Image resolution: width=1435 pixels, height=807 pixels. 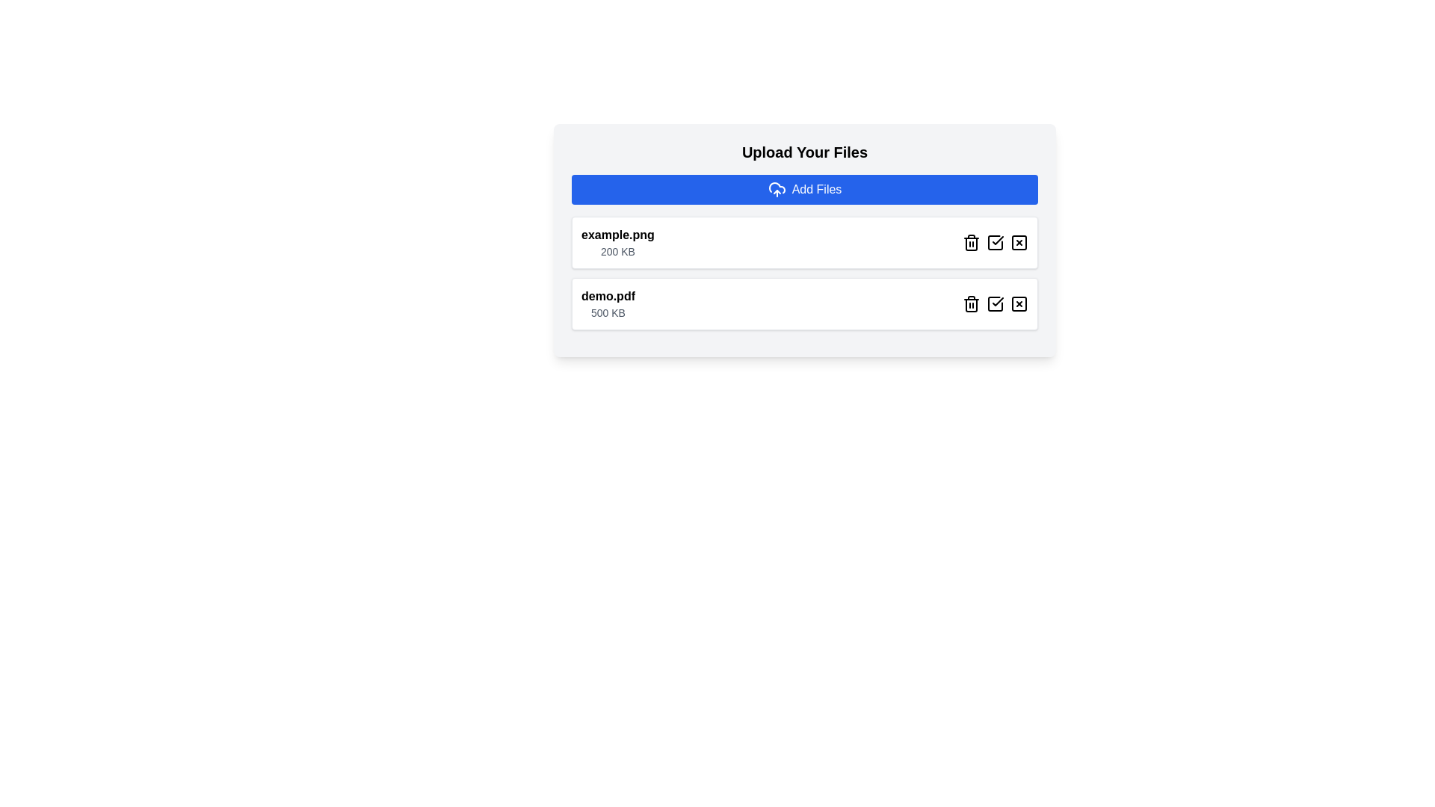 What do you see at coordinates (995, 303) in the screenshot?
I see `the checkbox-like graphical indicator located to the right of the filename 'demo.pdf'` at bounding box center [995, 303].